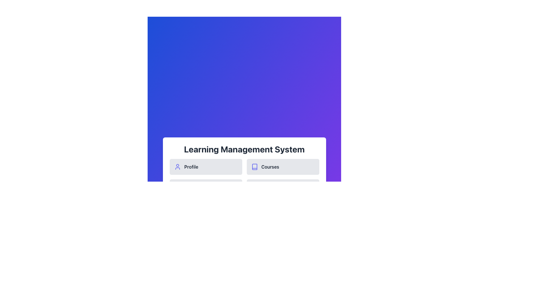 The height and width of the screenshot is (306, 544). What do you see at coordinates (177, 167) in the screenshot?
I see `the user profile icon located to the left of the 'Profile' text for contextual information` at bounding box center [177, 167].